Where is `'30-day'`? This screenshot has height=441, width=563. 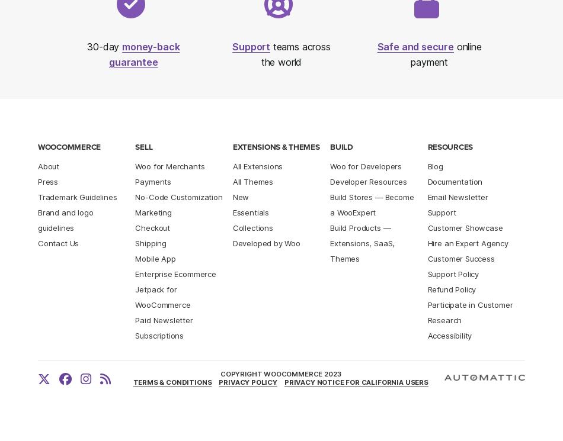 '30-day' is located at coordinates (104, 46).